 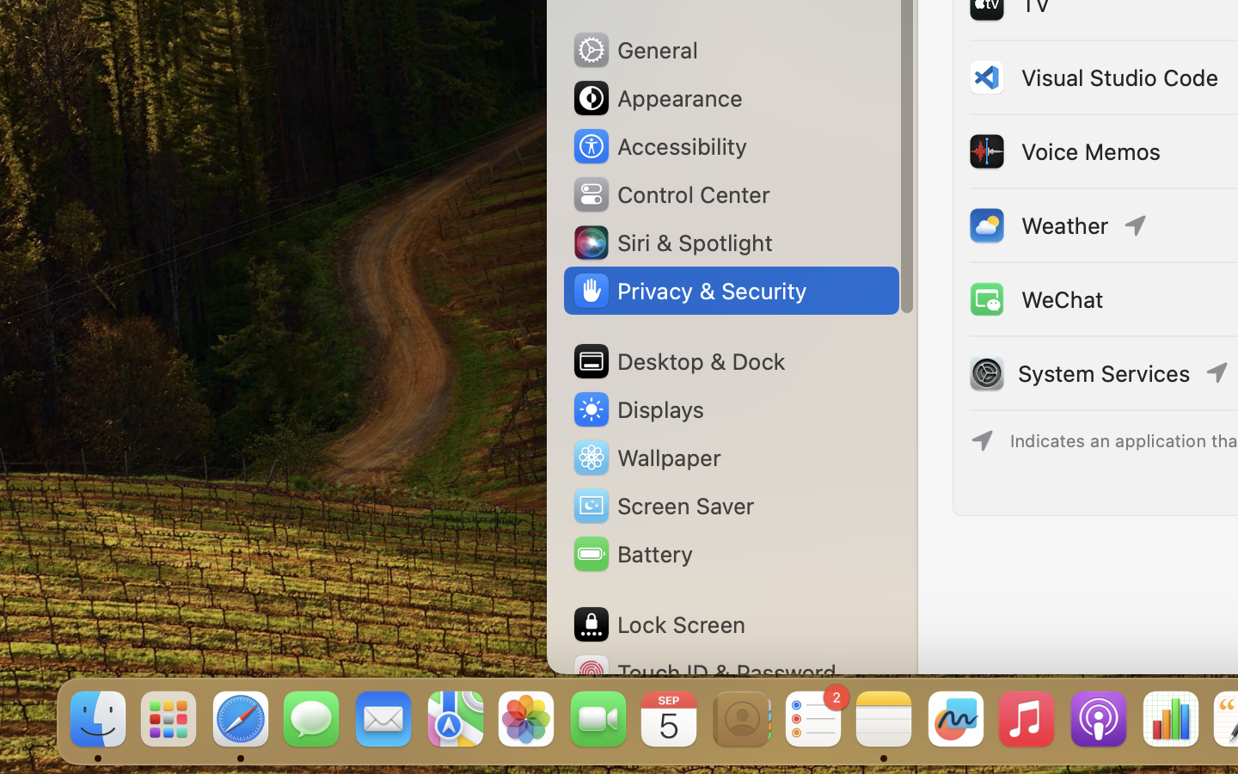 What do you see at coordinates (630, 554) in the screenshot?
I see `'Battery'` at bounding box center [630, 554].